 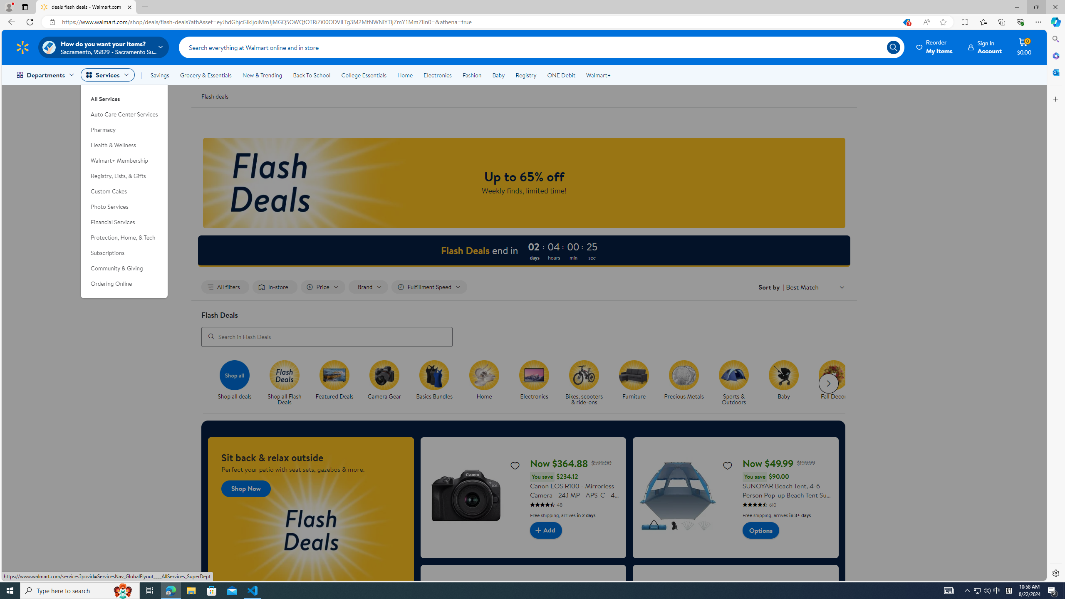 I want to click on 'Search in Flash Deals', so click(x=326, y=336).